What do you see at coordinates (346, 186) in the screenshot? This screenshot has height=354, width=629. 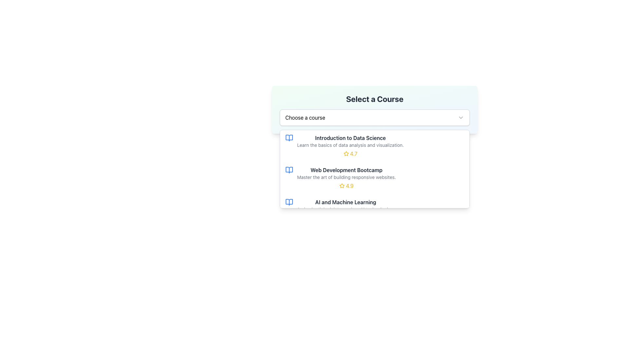 I see `the label displaying the user rating score for the Web Development Bootcamp course, located to the right of the star icon and below the course title` at bounding box center [346, 186].